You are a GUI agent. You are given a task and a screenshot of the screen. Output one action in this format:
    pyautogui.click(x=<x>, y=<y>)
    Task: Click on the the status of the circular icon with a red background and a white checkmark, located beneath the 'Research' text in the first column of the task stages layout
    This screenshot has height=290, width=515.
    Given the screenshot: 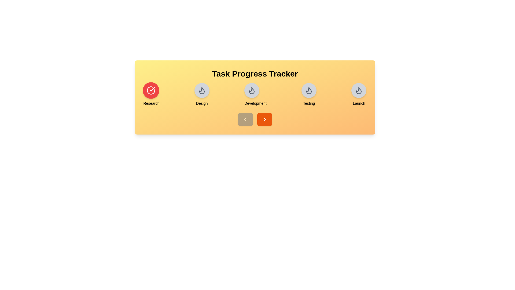 What is the action you would take?
    pyautogui.click(x=150, y=90)
    